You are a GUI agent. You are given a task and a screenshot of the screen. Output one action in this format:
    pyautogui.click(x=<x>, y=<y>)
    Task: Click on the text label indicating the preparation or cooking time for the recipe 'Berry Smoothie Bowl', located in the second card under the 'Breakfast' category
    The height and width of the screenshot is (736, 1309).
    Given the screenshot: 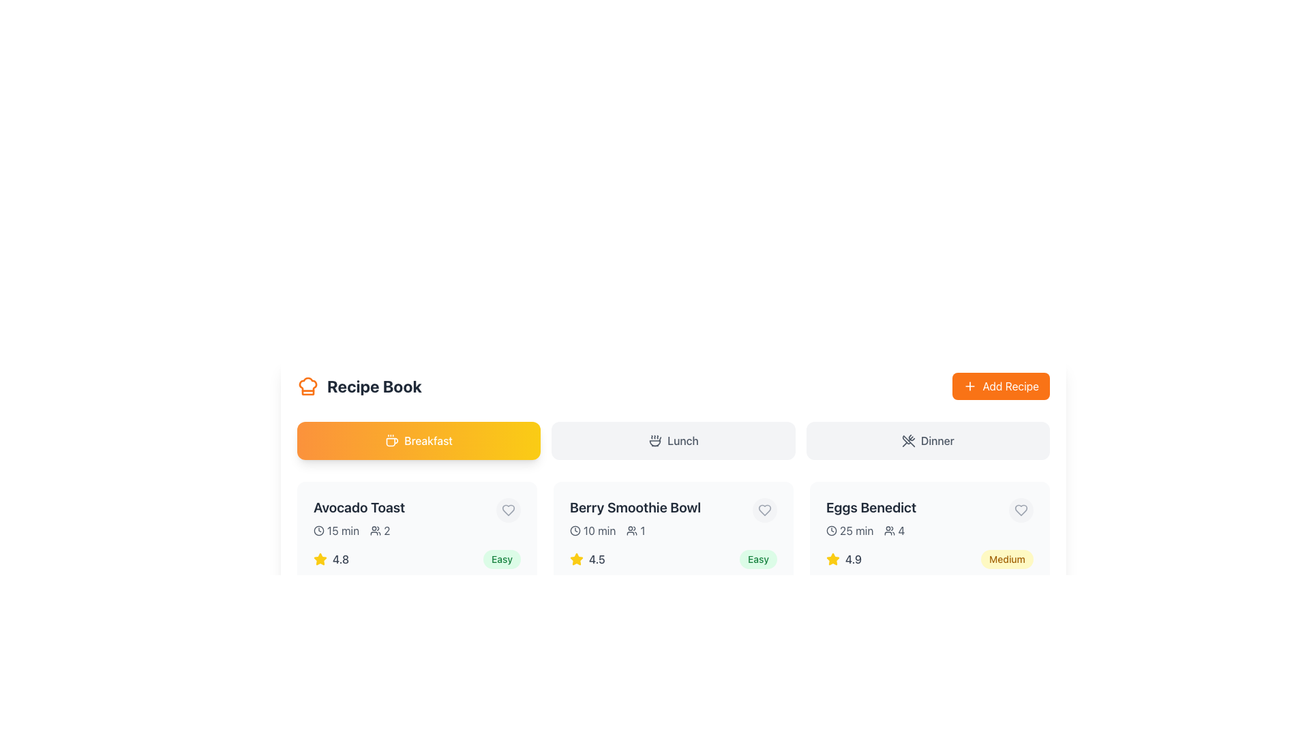 What is the action you would take?
    pyautogui.click(x=599, y=530)
    